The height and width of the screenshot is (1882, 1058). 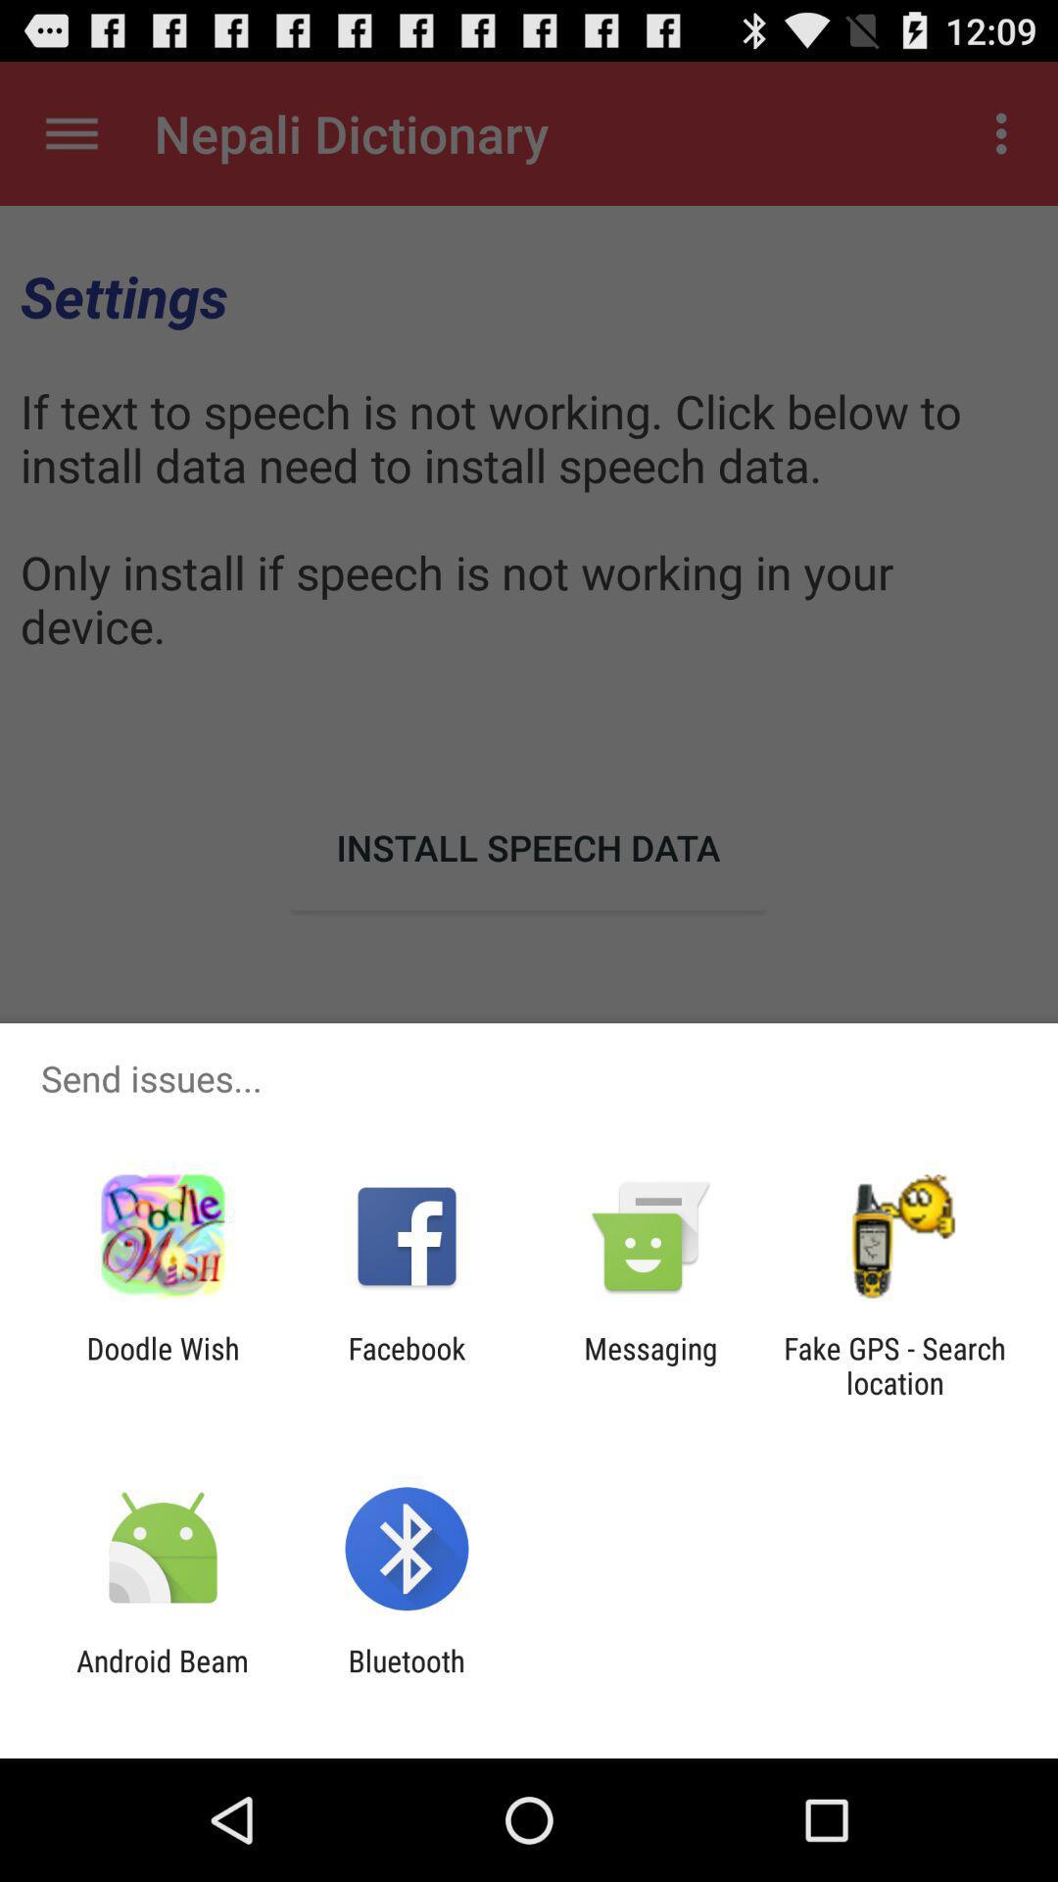 I want to click on app to the right of the doodle wish icon, so click(x=406, y=1364).